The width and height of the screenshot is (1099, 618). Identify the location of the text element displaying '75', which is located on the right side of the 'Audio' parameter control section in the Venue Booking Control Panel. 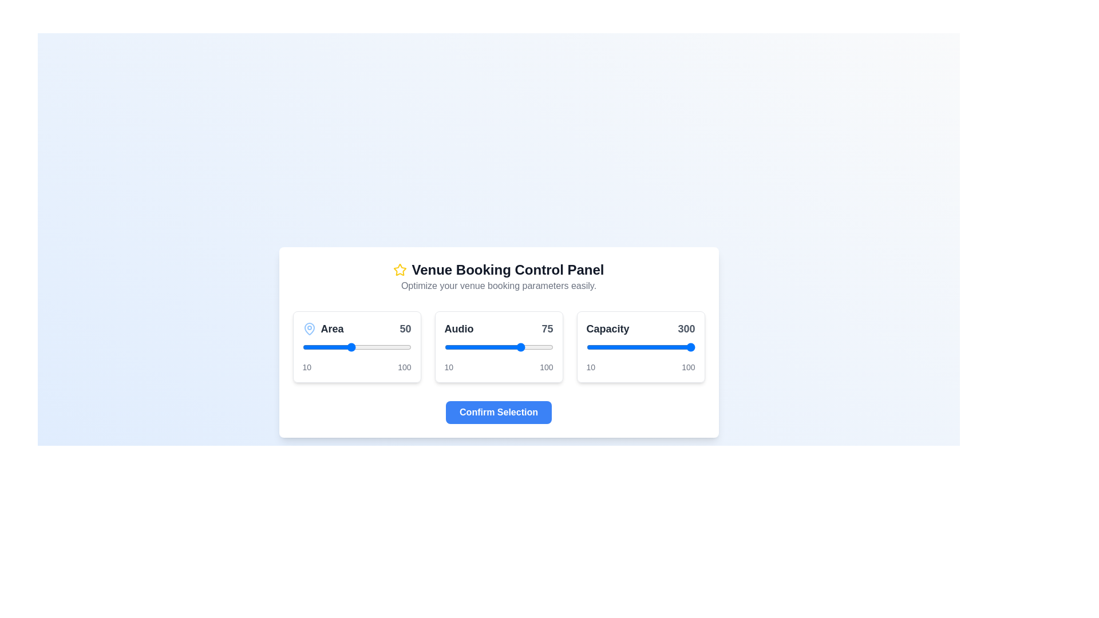
(547, 328).